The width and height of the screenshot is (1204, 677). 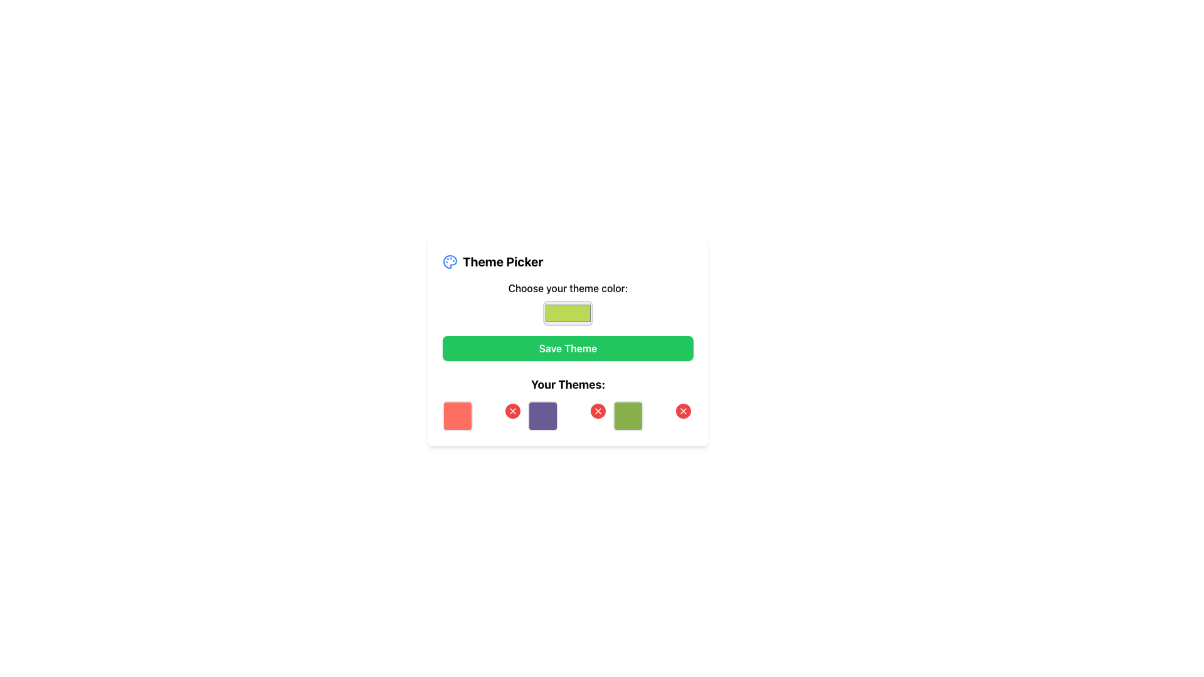 I want to click on the circular red button with a white cross icon located in the top-right corner of the green theme box in the 'Your Themes' section, so click(x=682, y=411).